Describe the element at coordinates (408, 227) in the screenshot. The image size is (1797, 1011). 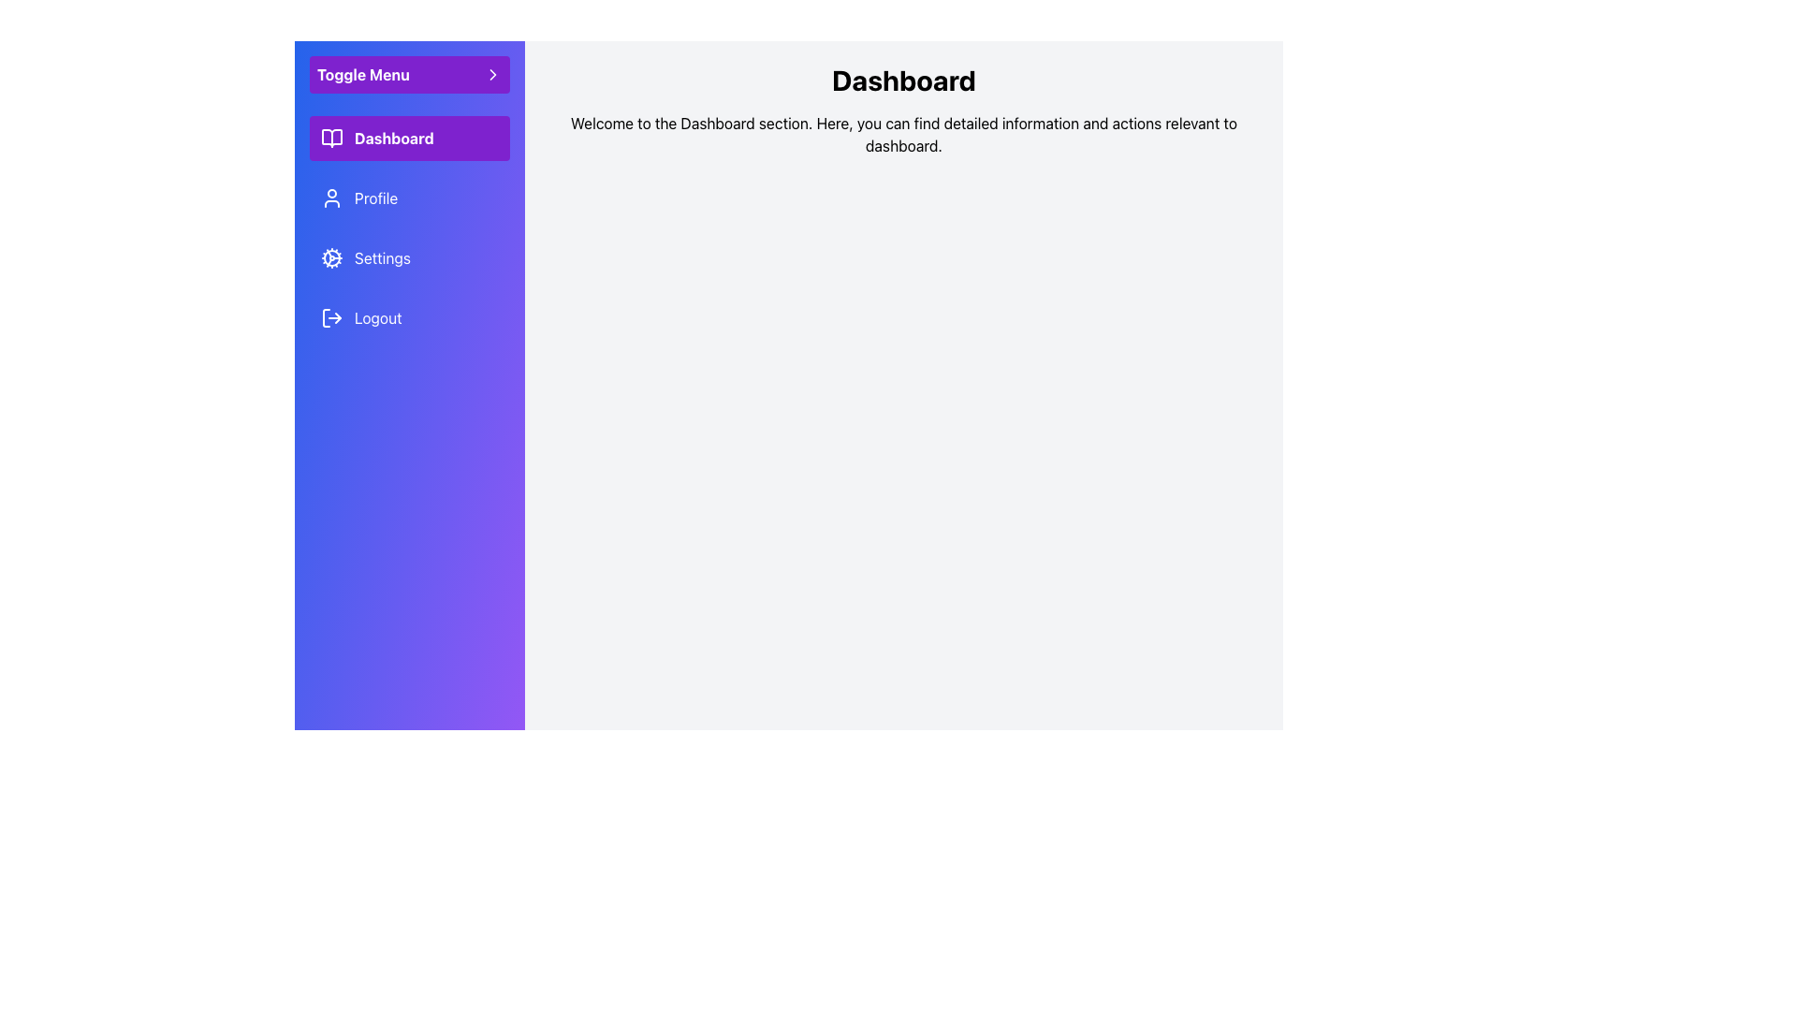
I see `the Navigation Menu located centrally within the left sidebar, below the 'Toggle Menu' item and above the main interface area` at that location.